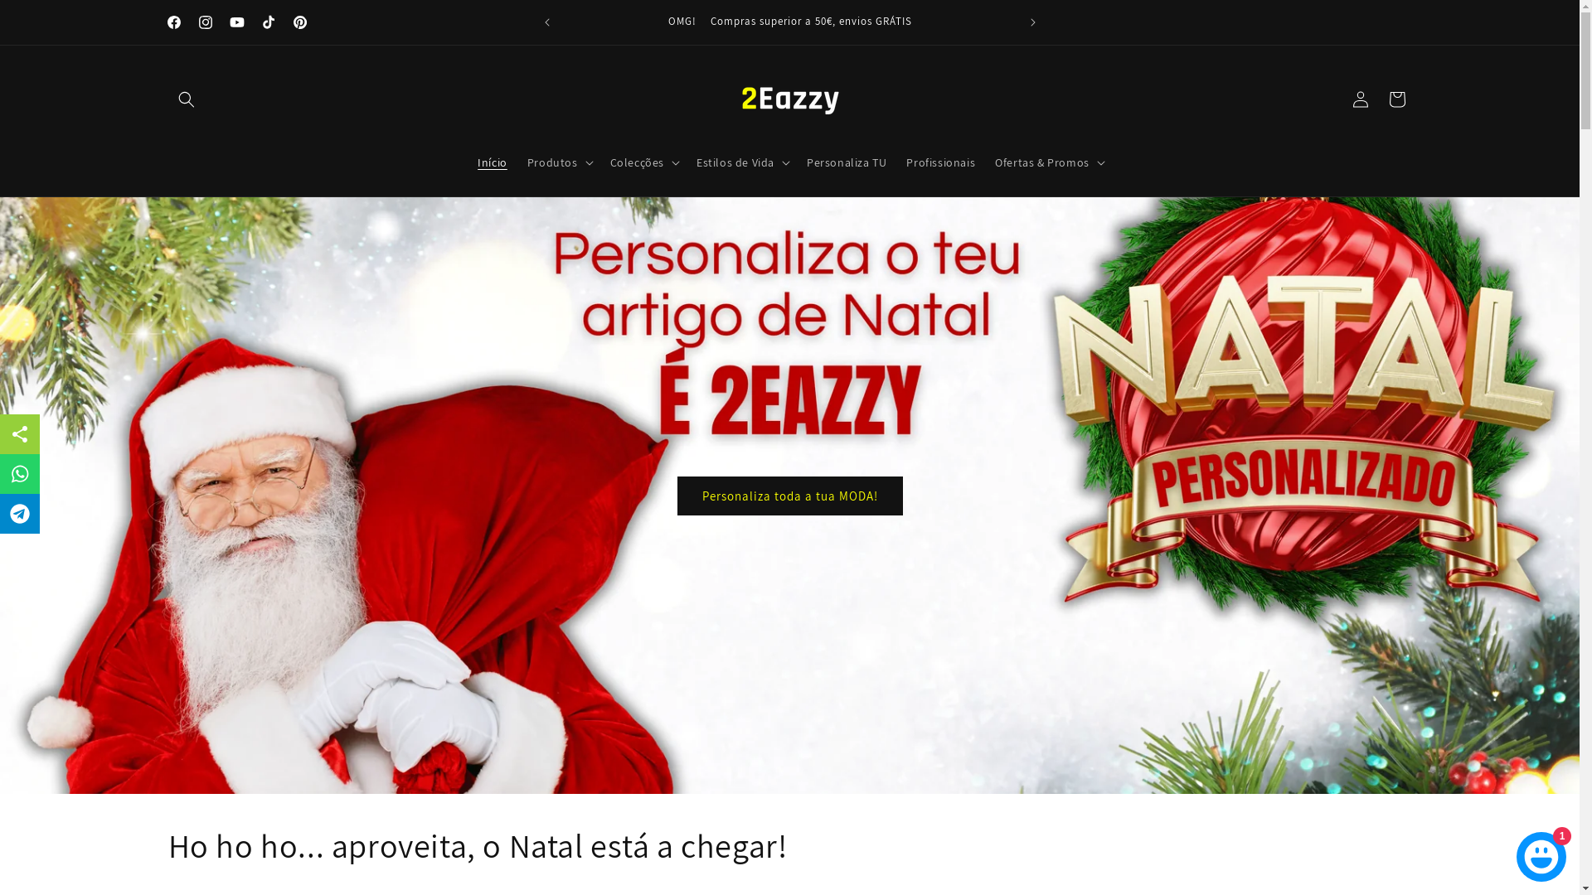 The height and width of the screenshot is (895, 1592). What do you see at coordinates (940, 162) in the screenshot?
I see `'Profissionais'` at bounding box center [940, 162].